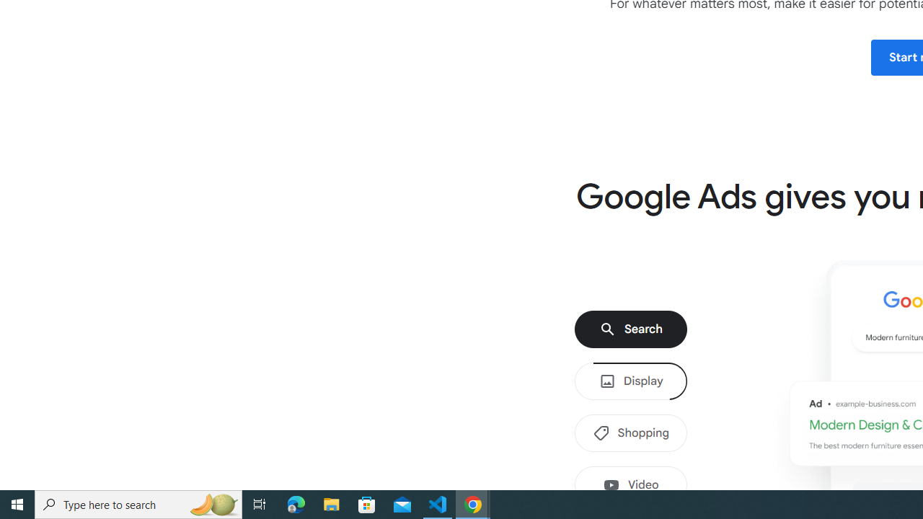 This screenshot has width=923, height=519. I want to click on 'Display', so click(630, 381).